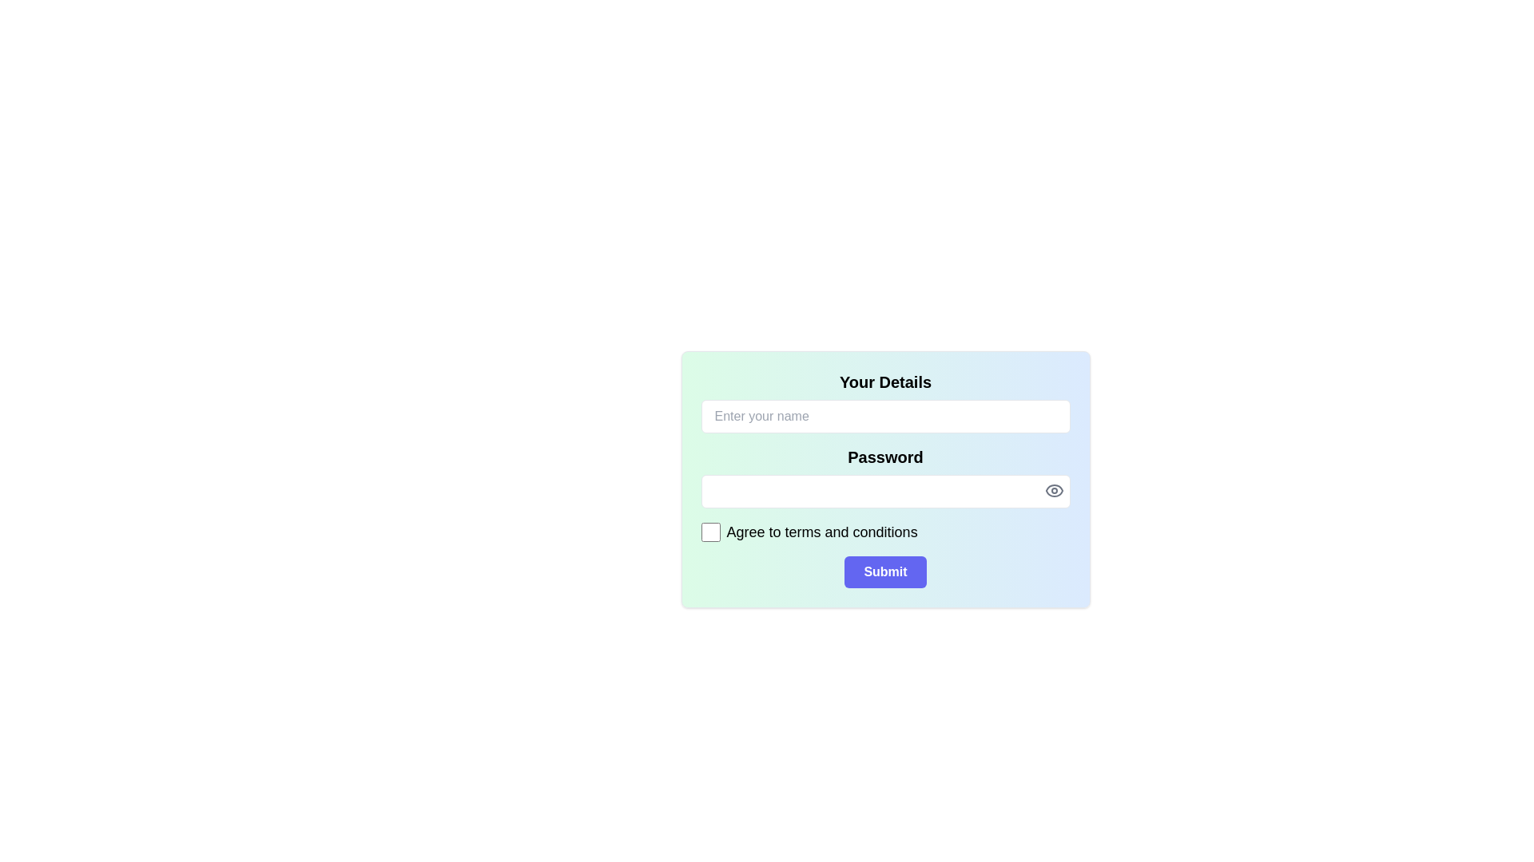 The image size is (1534, 862). What do you see at coordinates (884, 571) in the screenshot?
I see `the submit button located below the 'Agree to terms and conditions' checkbox` at bounding box center [884, 571].